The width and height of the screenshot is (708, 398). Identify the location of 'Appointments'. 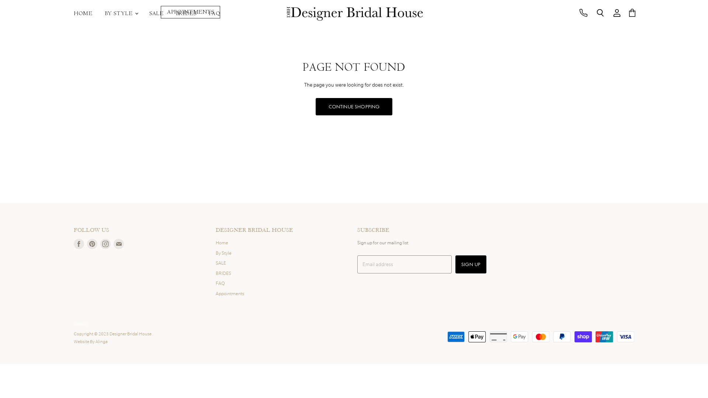
(229, 293).